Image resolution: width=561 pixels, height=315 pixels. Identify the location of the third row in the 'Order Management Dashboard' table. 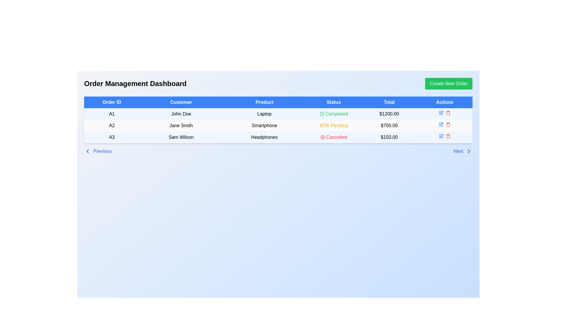
(278, 137).